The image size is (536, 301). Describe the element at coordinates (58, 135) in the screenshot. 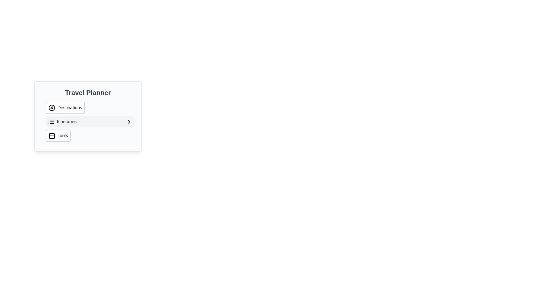

I see `the 'Tools' button, which has a white background and a light gray border that turns blue when hovered. It is the third option under the 'Travel Planner' header, containing a calendar icon to the left and the text 'Tools' aligned to the right` at that location.